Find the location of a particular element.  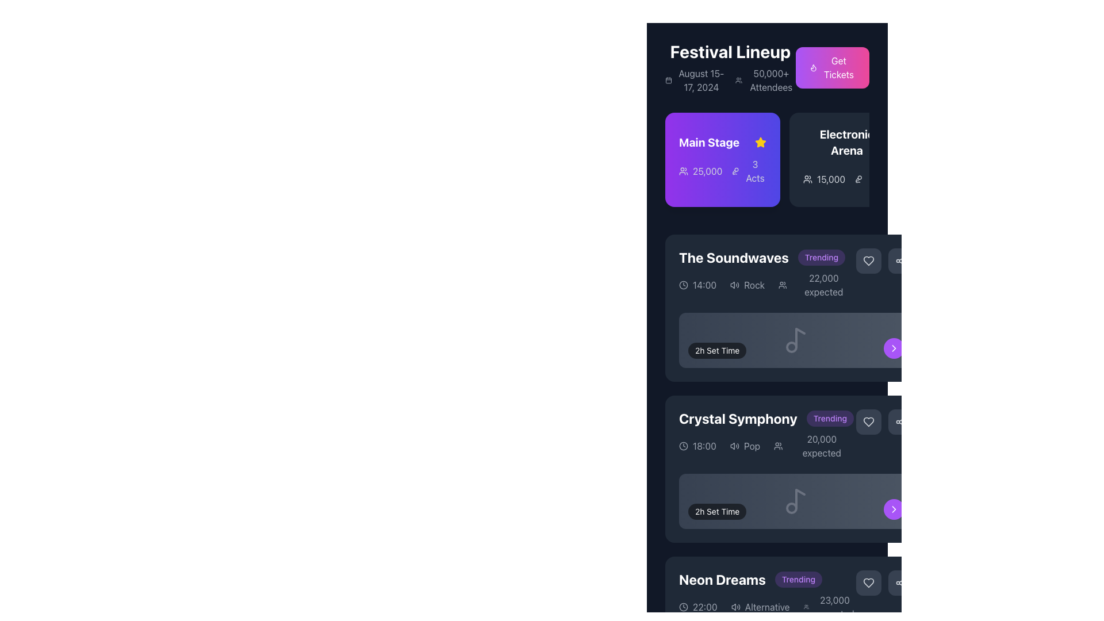

the text label displaying '50,000+ Attendees' to trigger potential tooltips or interactions is located at coordinates (771, 79).